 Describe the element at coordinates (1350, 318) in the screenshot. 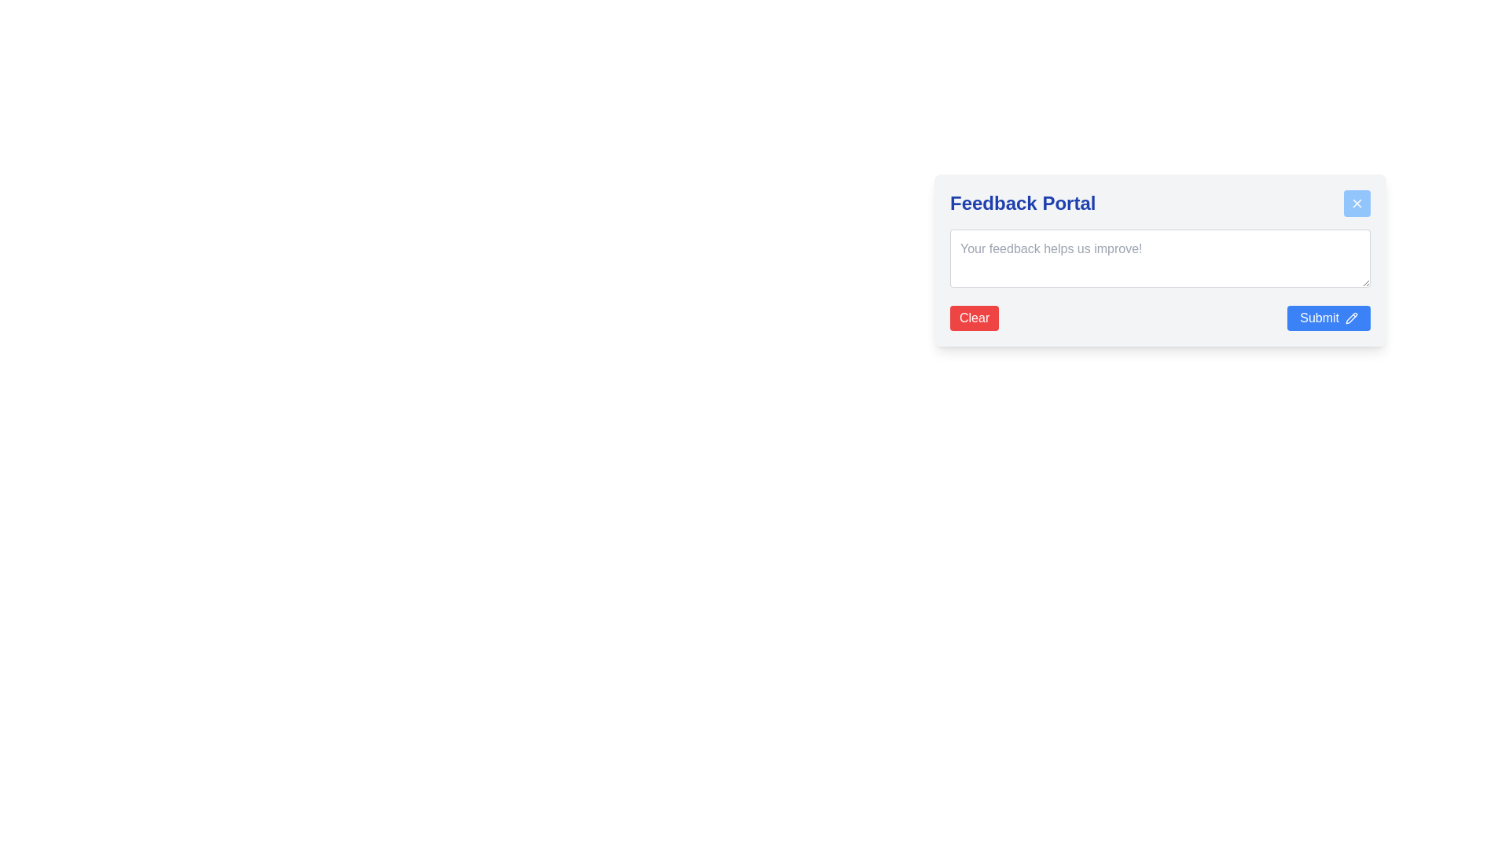

I see `the decorative pencil icon element associated with the 'Submit' button located in the feedback submission area` at that location.